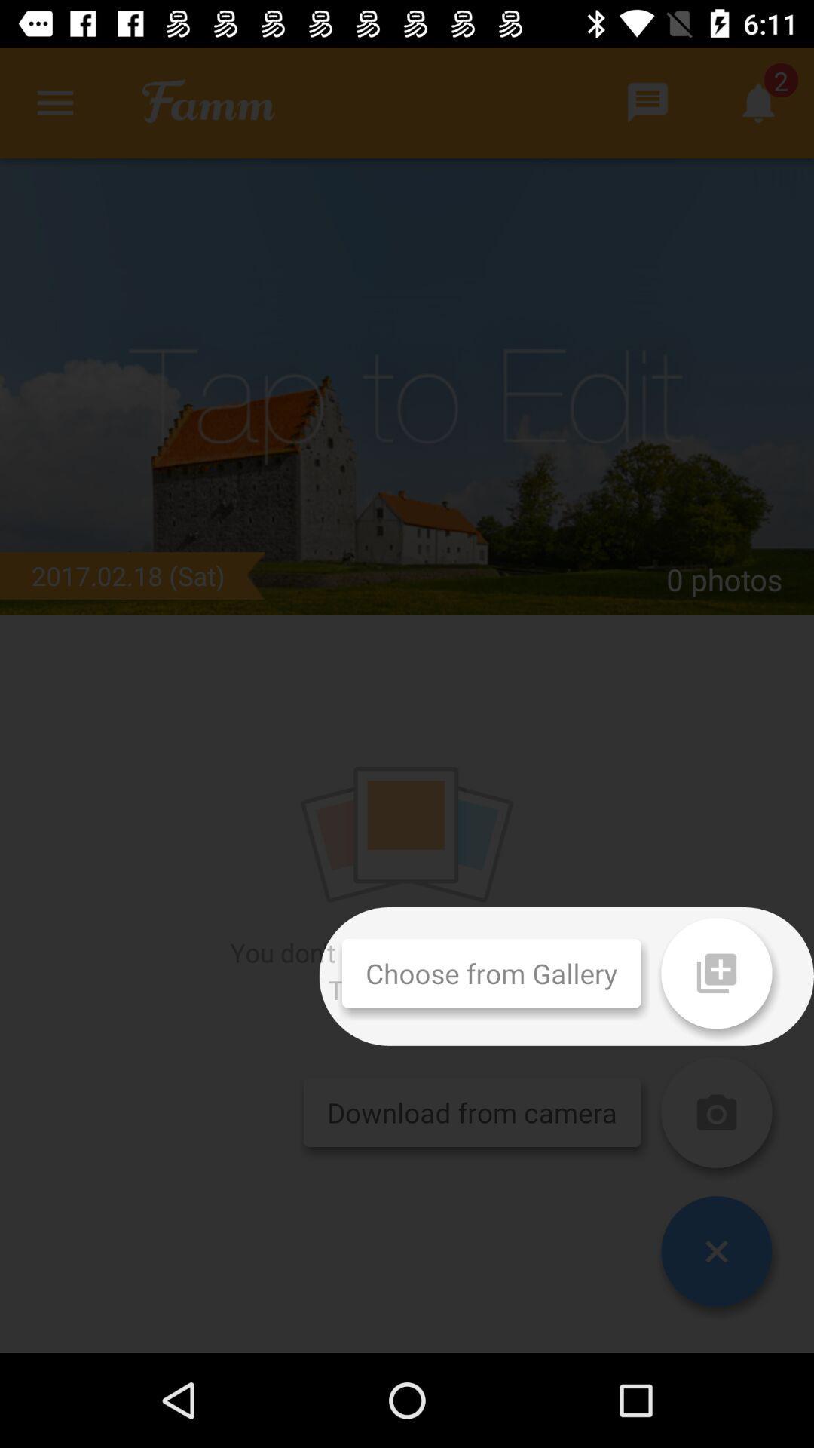 This screenshot has height=1448, width=814. I want to click on the add icon, so click(716, 973).